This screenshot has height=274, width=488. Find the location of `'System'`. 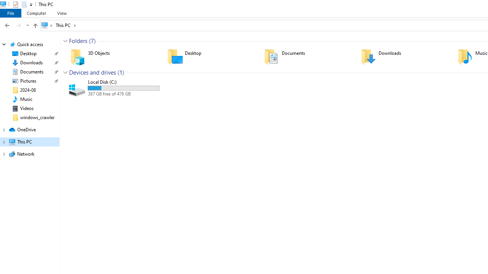

'System' is located at coordinates (4, 4).